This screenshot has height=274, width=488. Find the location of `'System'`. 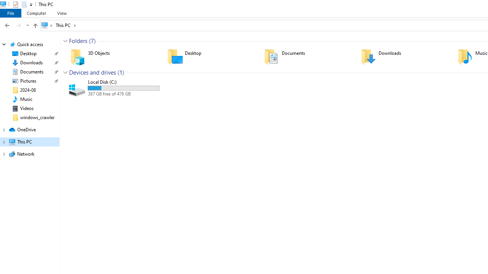

'System' is located at coordinates (4, 4).